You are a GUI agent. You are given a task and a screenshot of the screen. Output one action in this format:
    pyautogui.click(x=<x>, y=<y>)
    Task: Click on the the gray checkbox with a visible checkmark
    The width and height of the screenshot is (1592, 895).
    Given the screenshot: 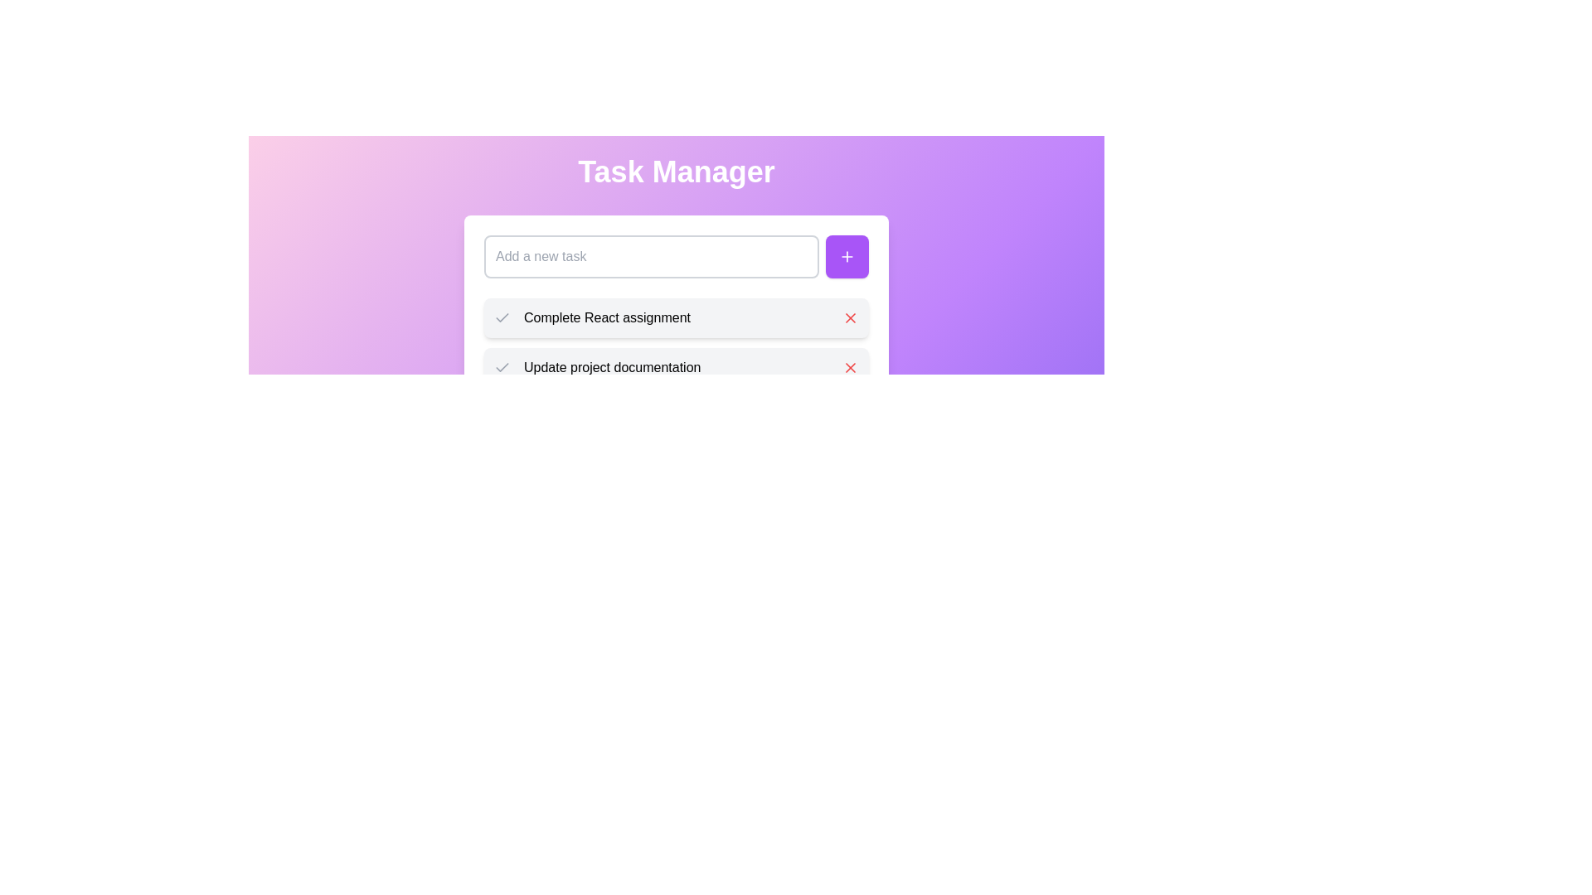 What is the action you would take?
    pyautogui.click(x=501, y=318)
    